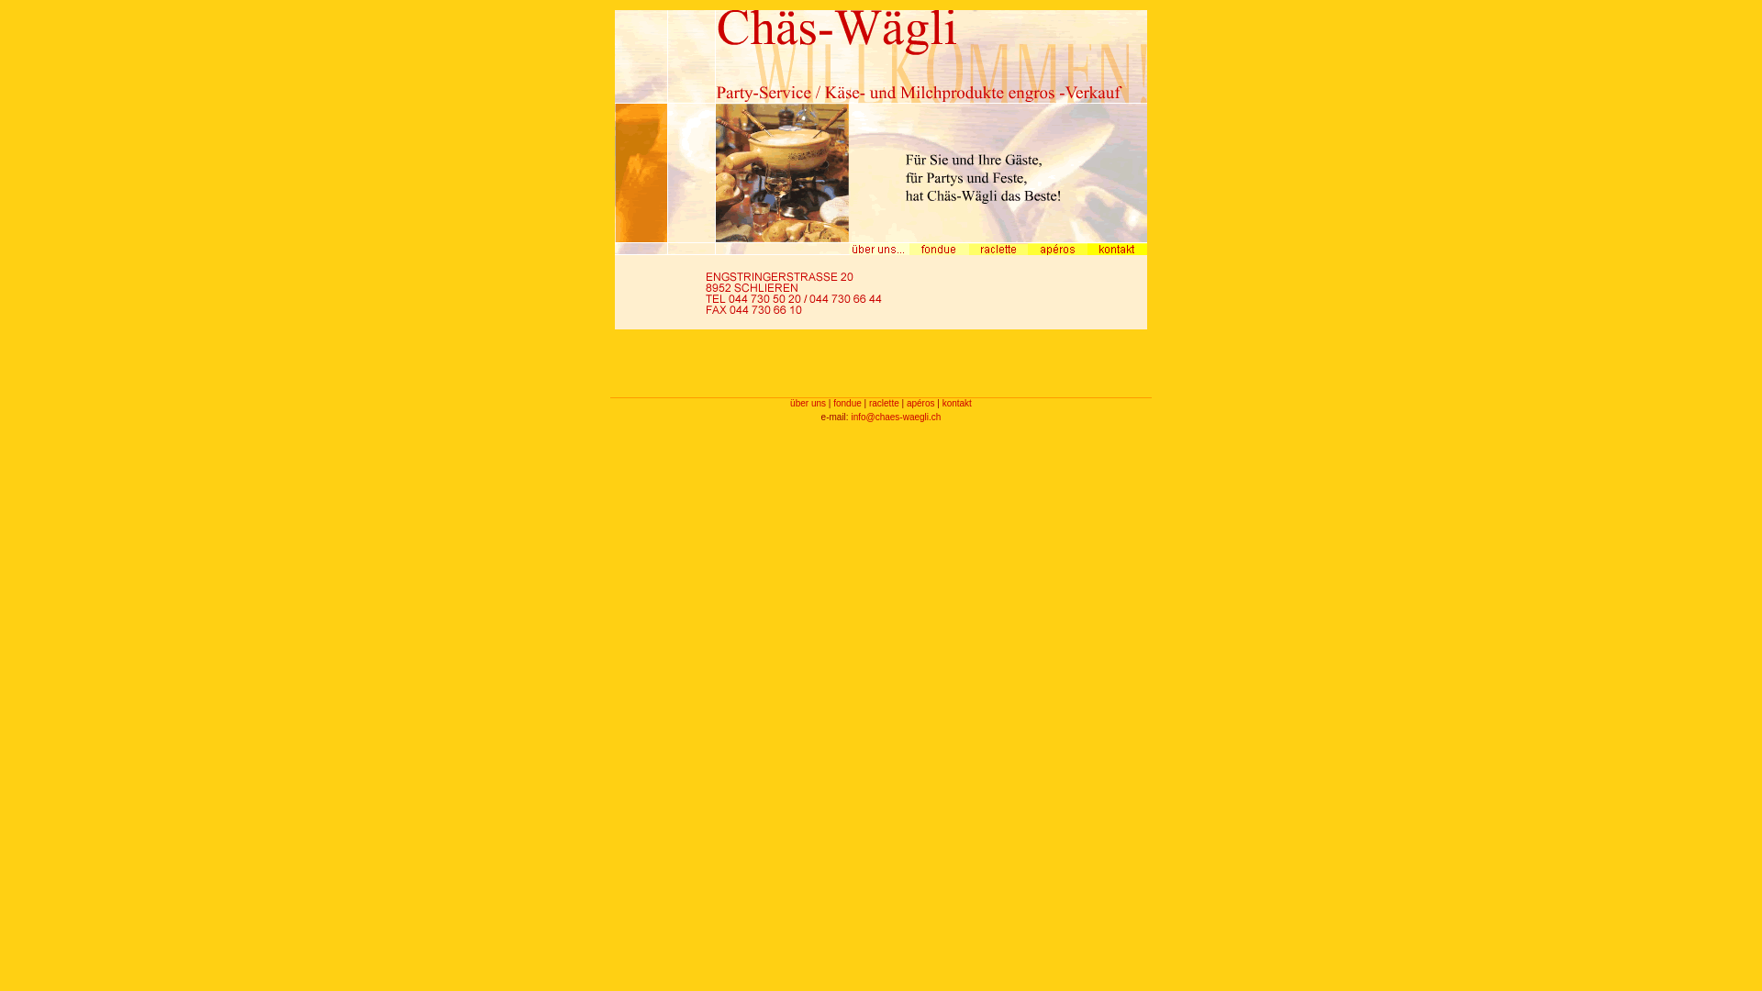 The image size is (1762, 991). I want to click on 'info@chaes-waegli.ch', so click(895, 417).